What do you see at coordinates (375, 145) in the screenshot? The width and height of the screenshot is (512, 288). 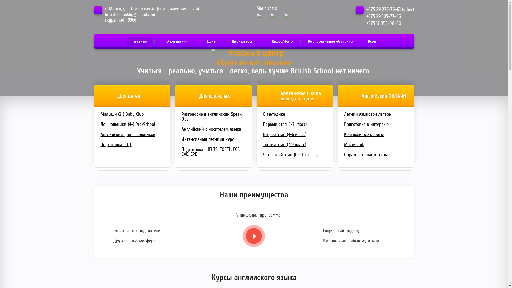 I see `'Movie-Club'` at bounding box center [375, 145].